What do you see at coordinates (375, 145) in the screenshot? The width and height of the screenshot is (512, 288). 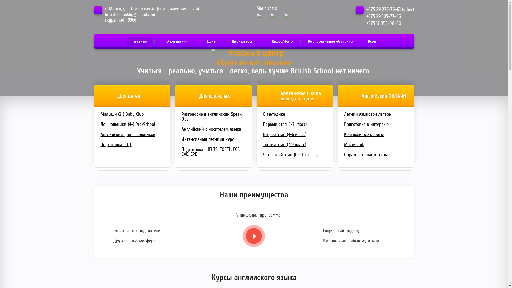 I see `'Movie-Club'` at bounding box center [375, 145].